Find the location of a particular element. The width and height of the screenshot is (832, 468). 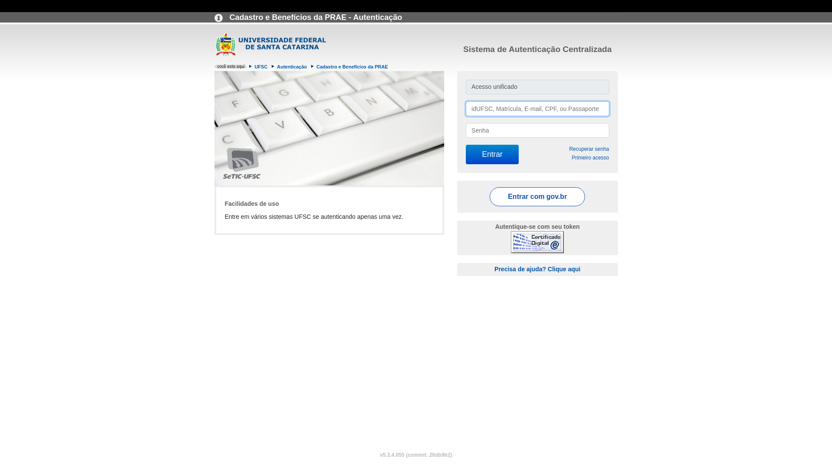

'Entrar com is located at coordinates (536, 197).